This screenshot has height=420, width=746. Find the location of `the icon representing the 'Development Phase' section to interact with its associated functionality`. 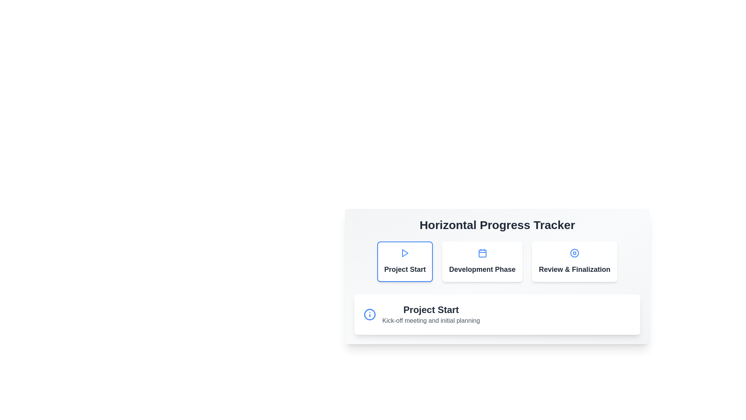

the icon representing the 'Development Phase' section to interact with its associated functionality is located at coordinates (482, 253).